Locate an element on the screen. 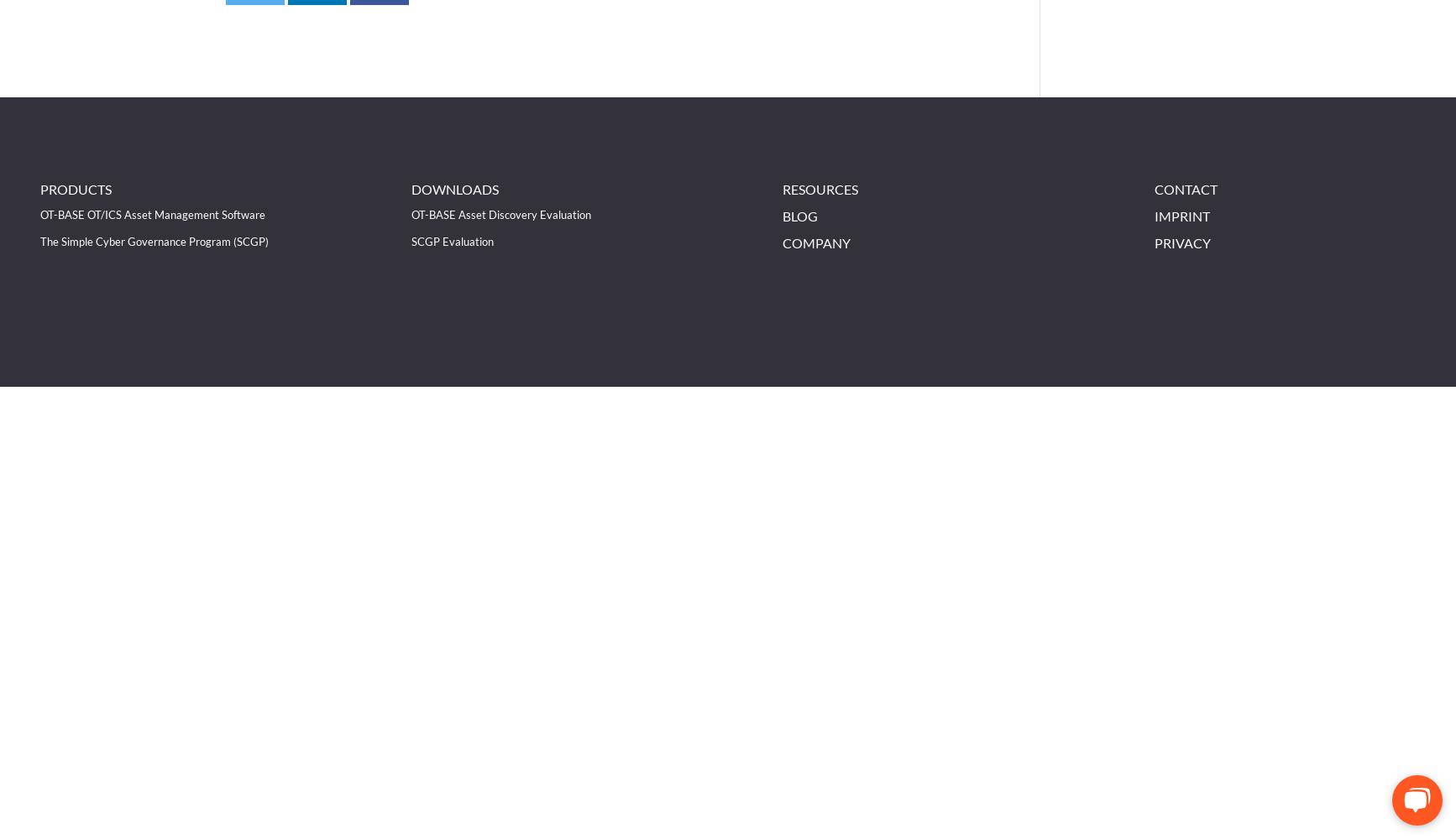 Image resolution: width=1456 pixels, height=839 pixels. 'Privacy' is located at coordinates (1181, 242).